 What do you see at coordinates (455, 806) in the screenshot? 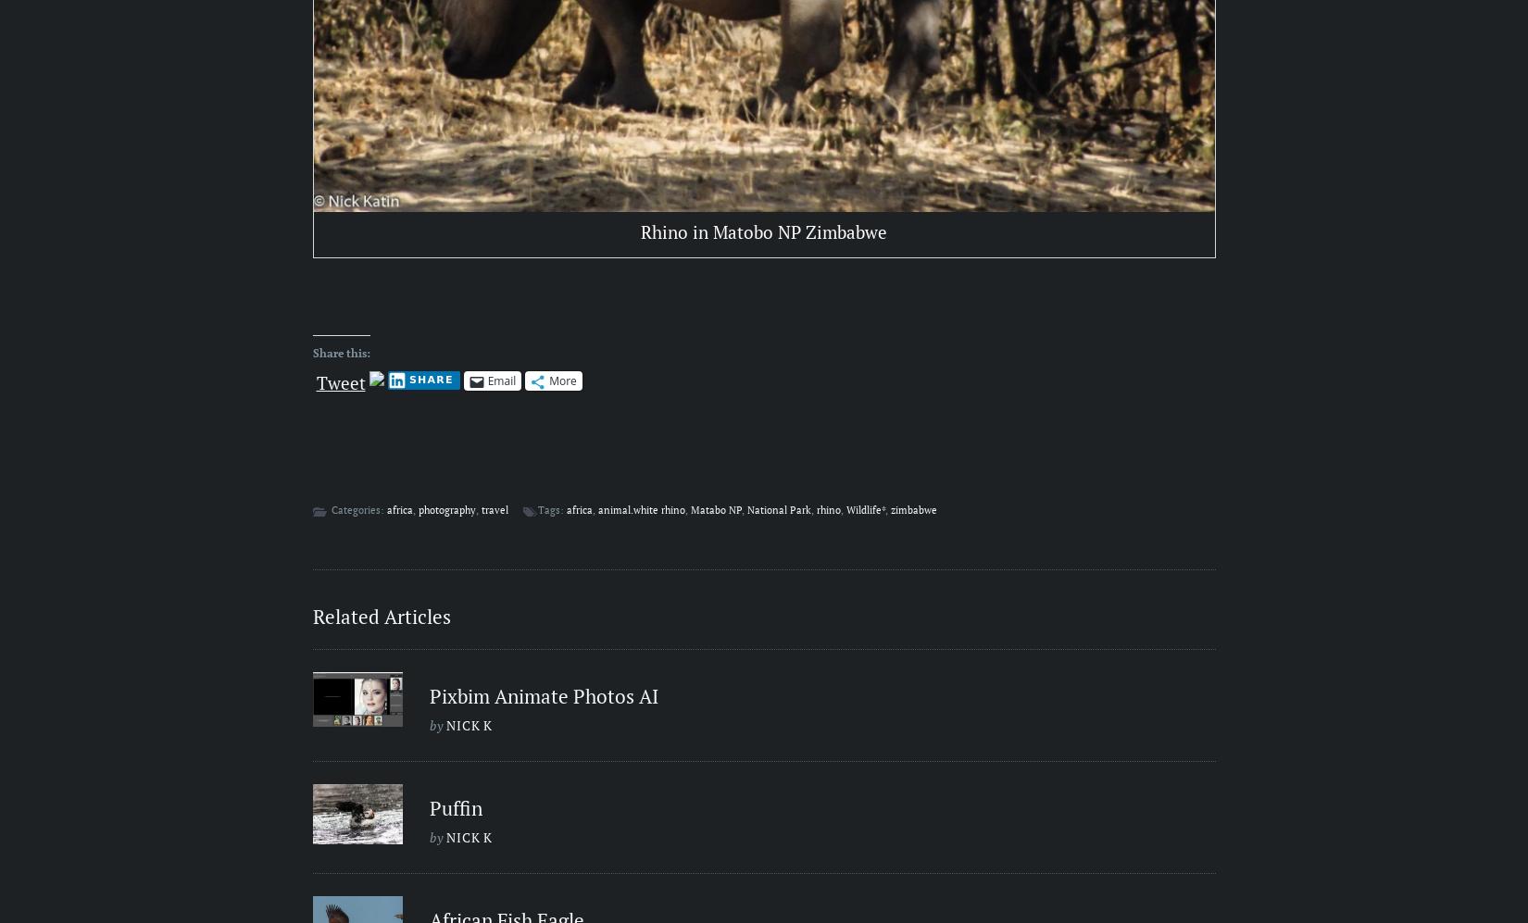
I see `'Puffin'` at bounding box center [455, 806].